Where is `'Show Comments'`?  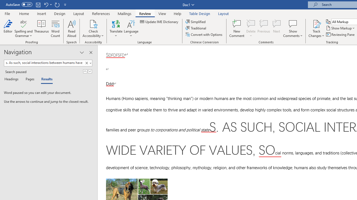 'Show Comments' is located at coordinates (293, 29).